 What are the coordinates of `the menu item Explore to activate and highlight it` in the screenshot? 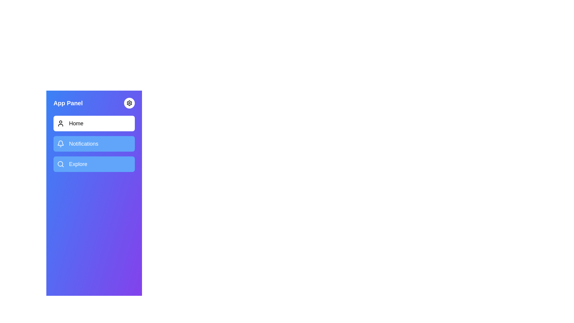 It's located at (94, 164).